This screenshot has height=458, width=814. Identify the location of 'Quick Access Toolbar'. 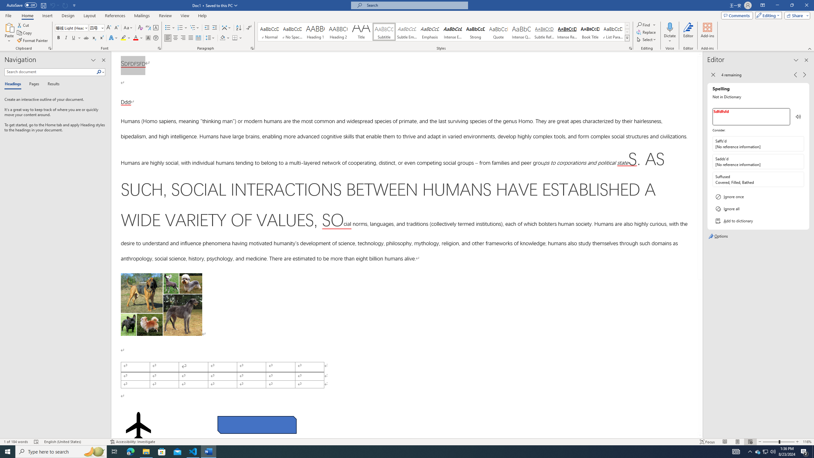
(41, 5).